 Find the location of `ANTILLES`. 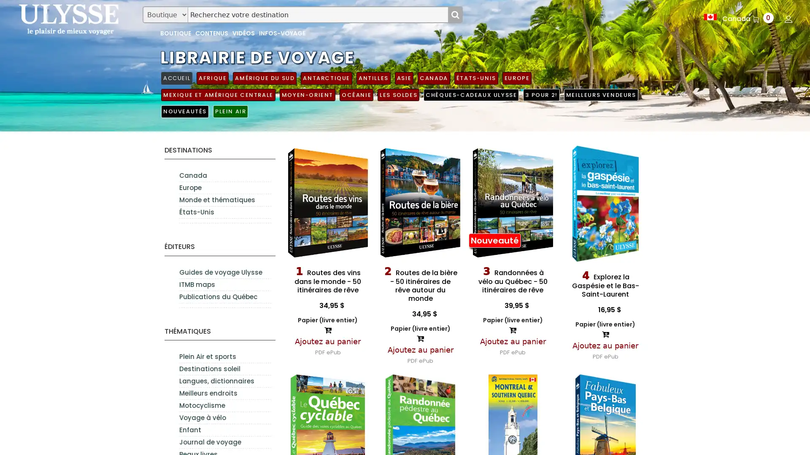

ANTILLES is located at coordinates (373, 78).